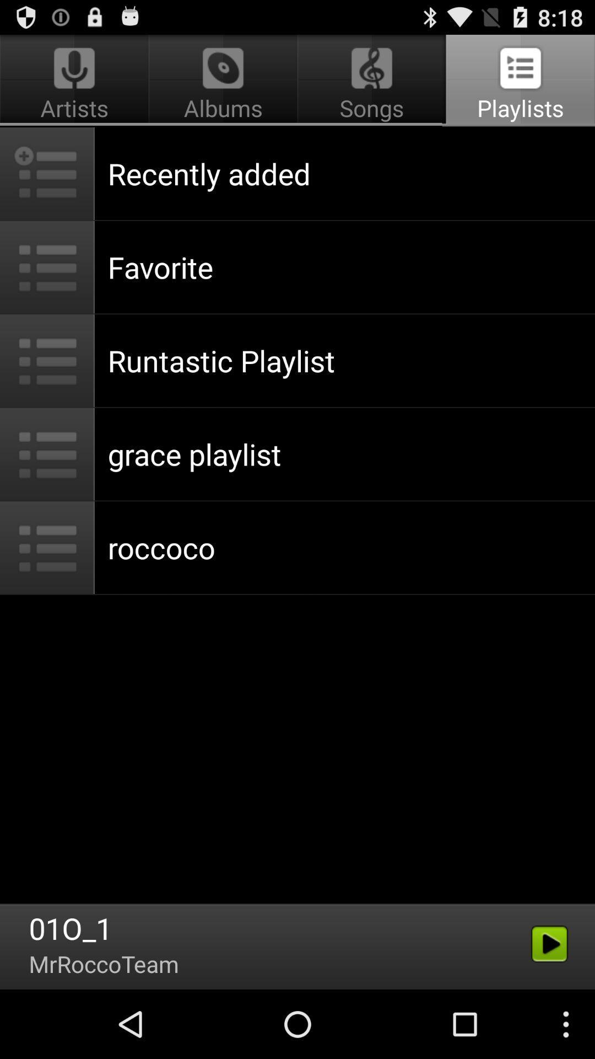  What do you see at coordinates (518, 81) in the screenshot?
I see `playlists app` at bounding box center [518, 81].